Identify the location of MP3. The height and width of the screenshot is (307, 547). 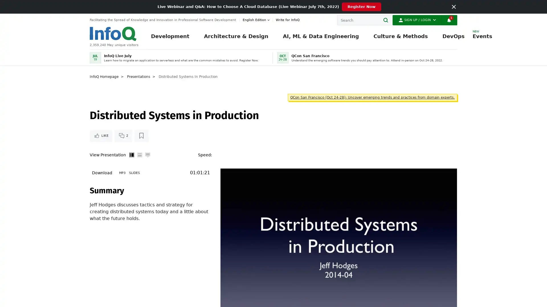
(122, 177).